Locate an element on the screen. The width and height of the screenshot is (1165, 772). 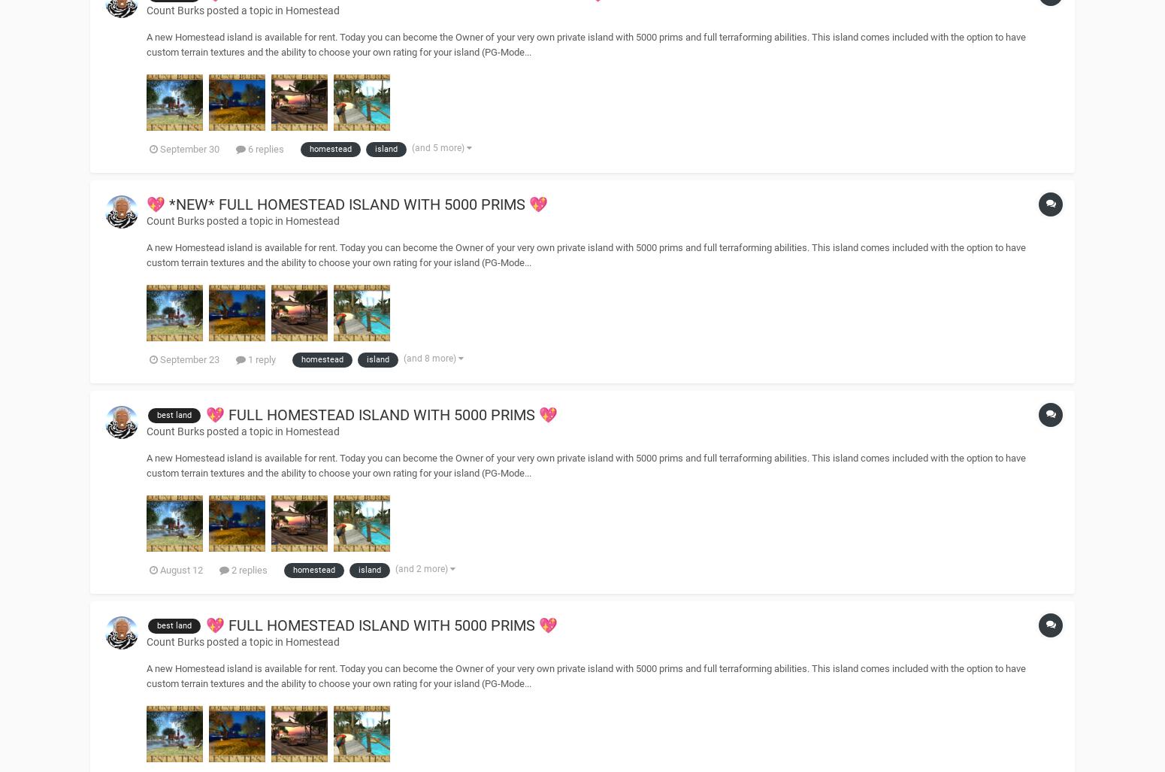
'August 12' is located at coordinates (181, 569).